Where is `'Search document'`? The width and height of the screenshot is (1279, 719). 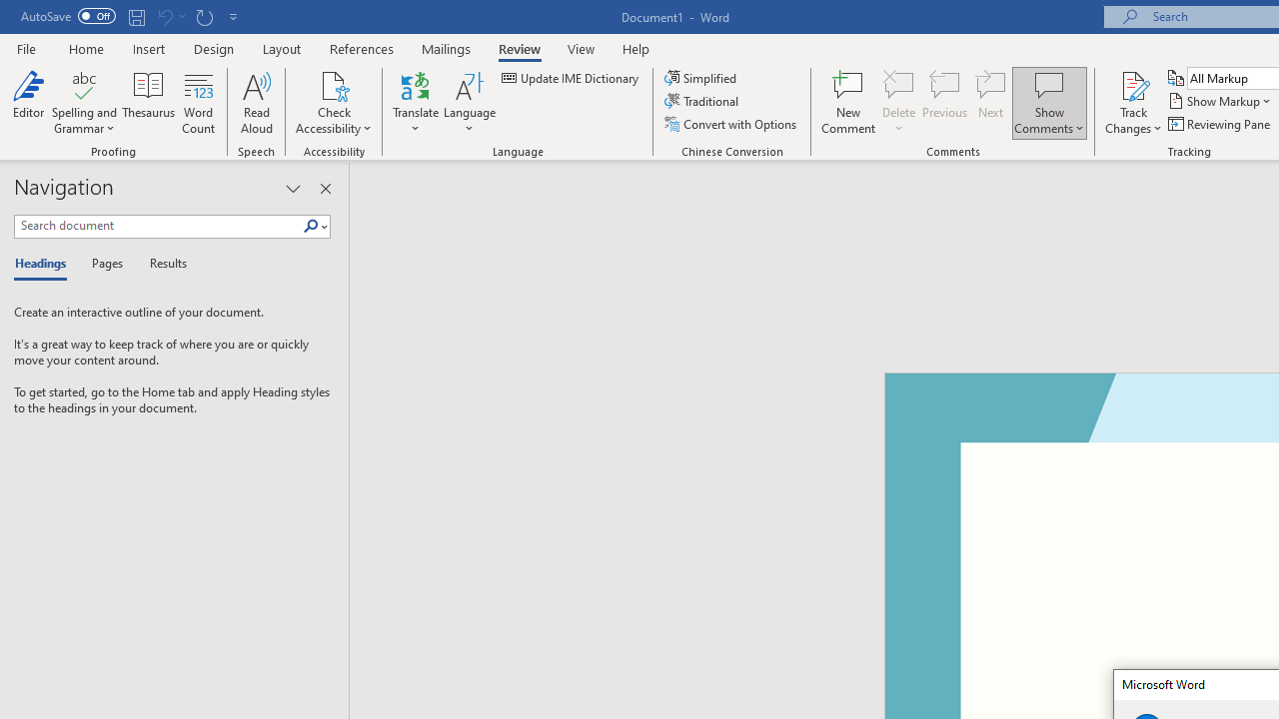 'Search document' is located at coordinates (157, 225).